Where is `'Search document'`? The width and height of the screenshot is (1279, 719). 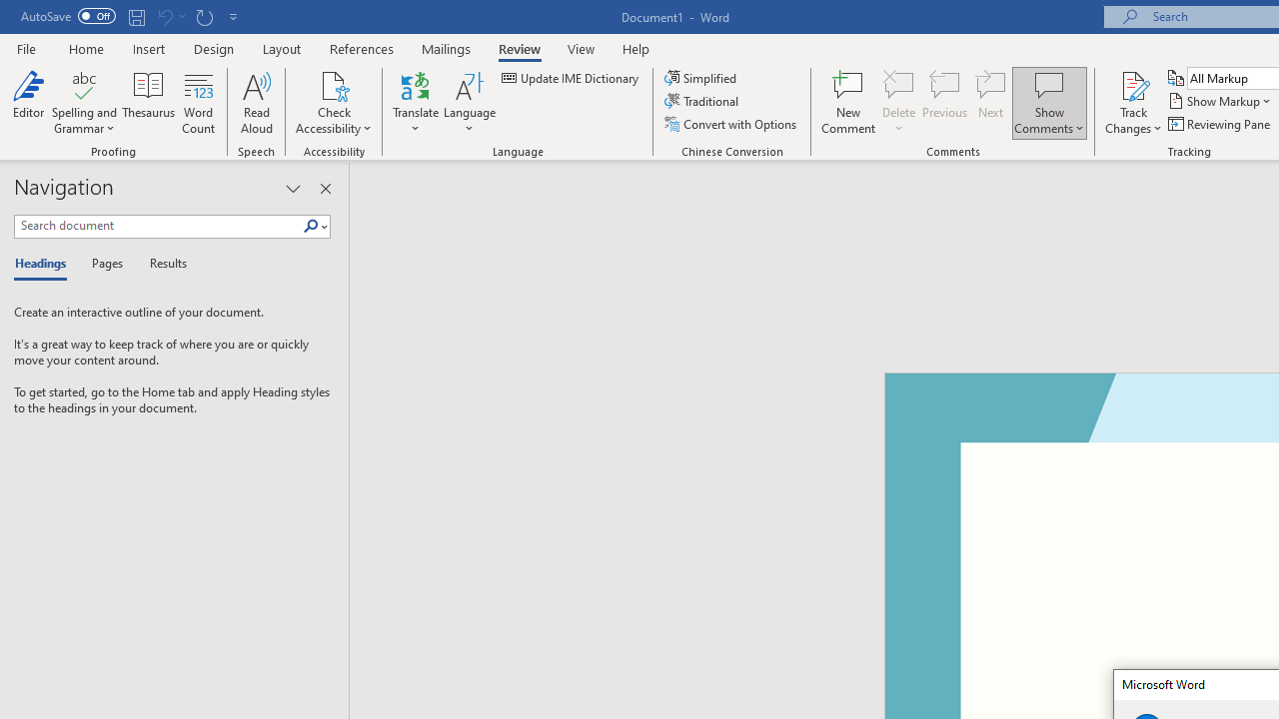 'Search document' is located at coordinates (157, 225).